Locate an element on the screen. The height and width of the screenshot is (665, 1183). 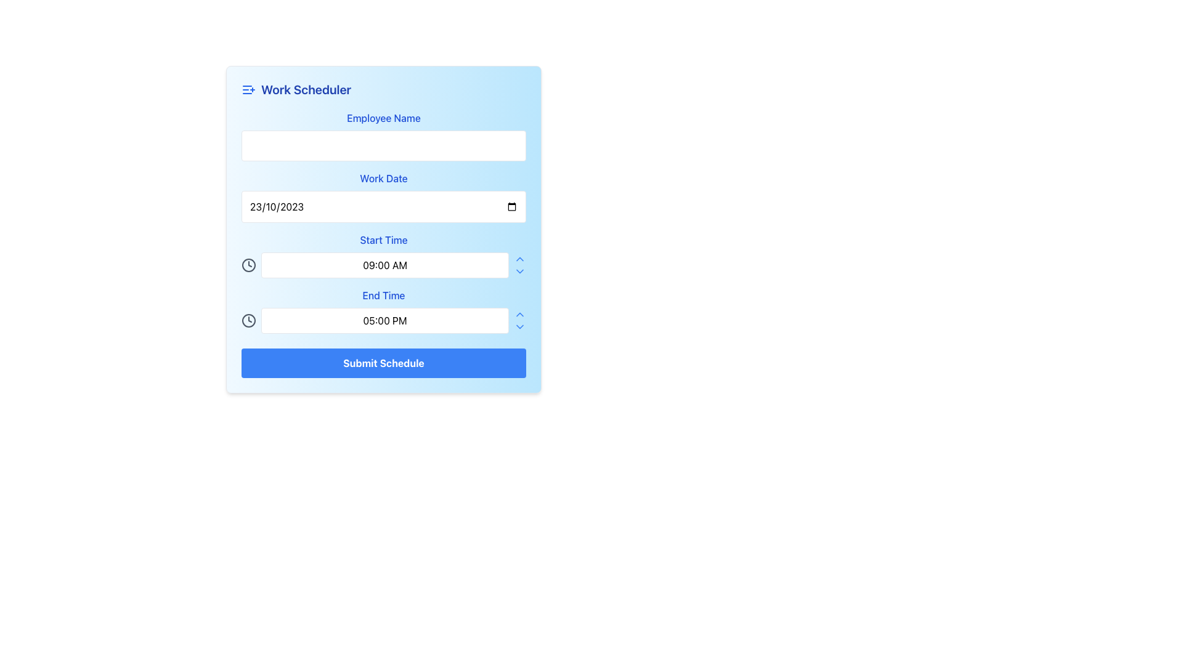
the clock icon located to the left of the time input field displaying '09:00 AM' in the 'Start Time' section is located at coordinates (248, 265).